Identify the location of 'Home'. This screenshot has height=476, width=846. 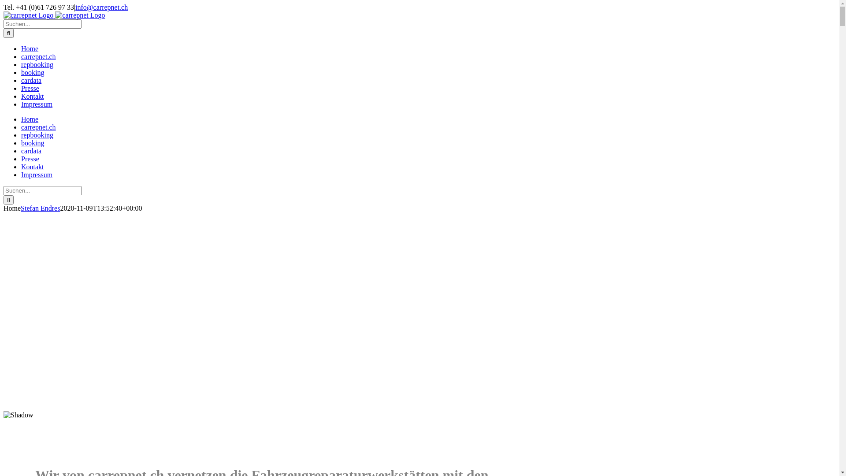
(30, 48).